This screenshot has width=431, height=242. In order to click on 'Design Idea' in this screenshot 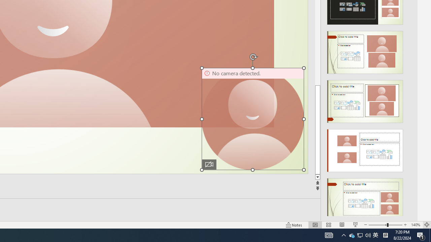, I will do `click(365, 197)`.